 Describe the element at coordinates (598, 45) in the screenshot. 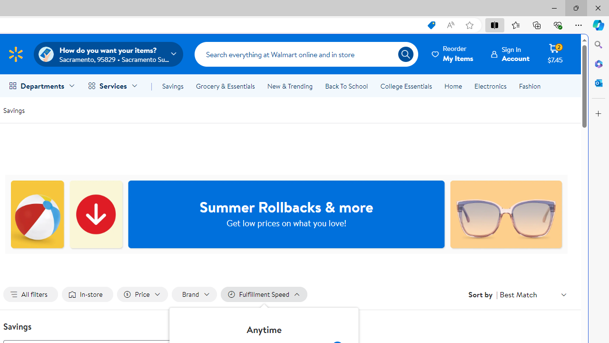

I see `'Close Search pane'` at that location.